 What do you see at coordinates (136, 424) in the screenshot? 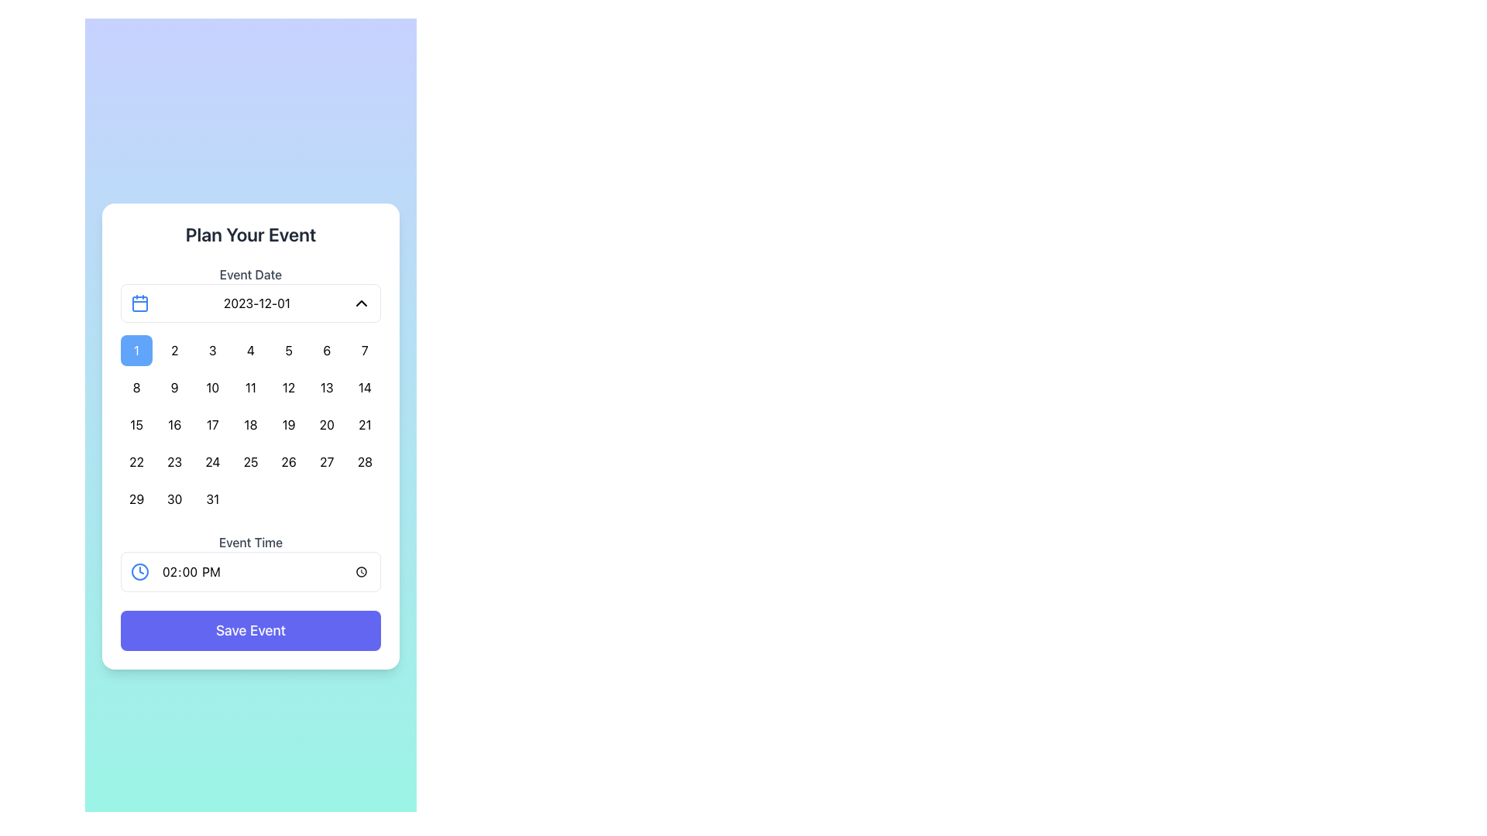
I see `the calendar button representing a day in the third row, first column` at bounding box center [136, 424].